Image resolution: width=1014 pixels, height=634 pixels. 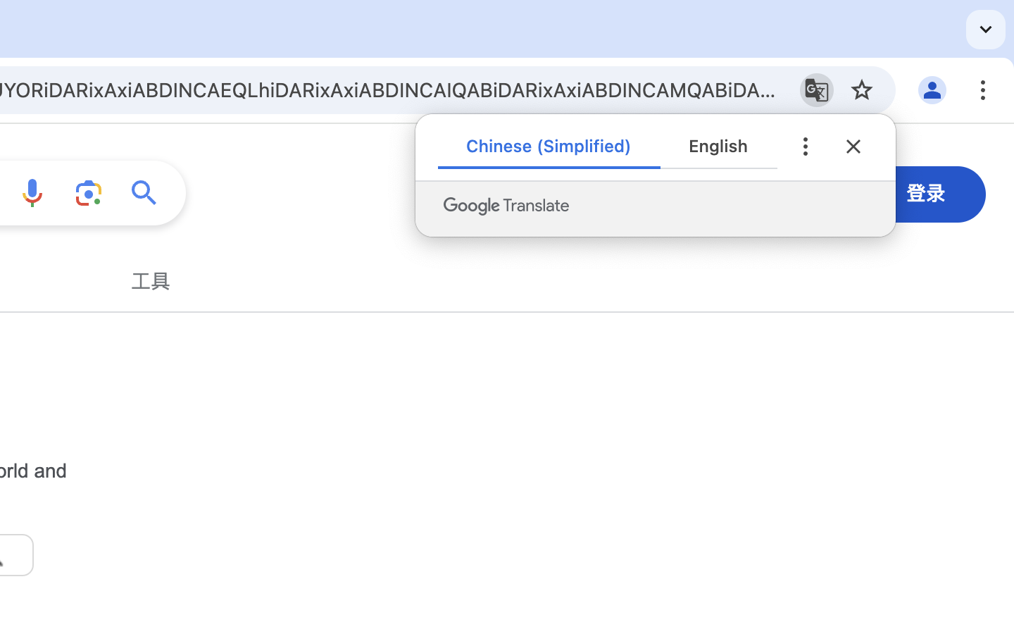 I want to click on '登录', so click(x=927, y=192).